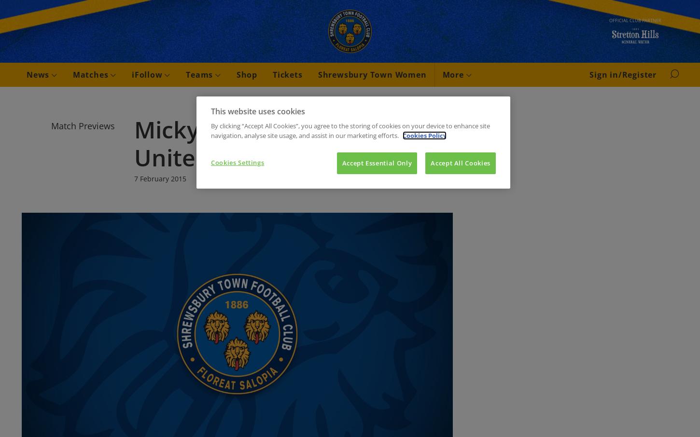 This screenshot has width=700, height=437. What do you see at coordinates (372, 75) in the screenshot?
I see `'Shrewsbury Town Women'` at bounding box center [372, 75].